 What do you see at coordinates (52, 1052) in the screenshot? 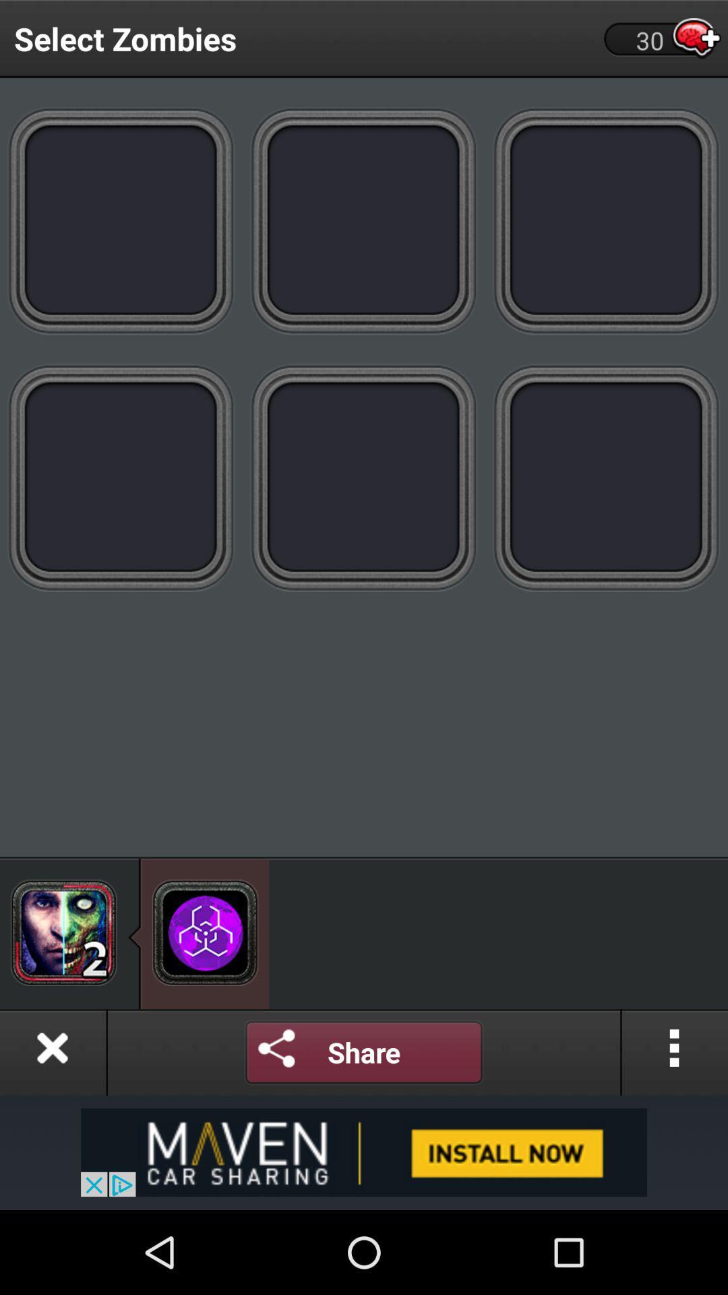
I see `exit` at bounding box center [52, 1052].